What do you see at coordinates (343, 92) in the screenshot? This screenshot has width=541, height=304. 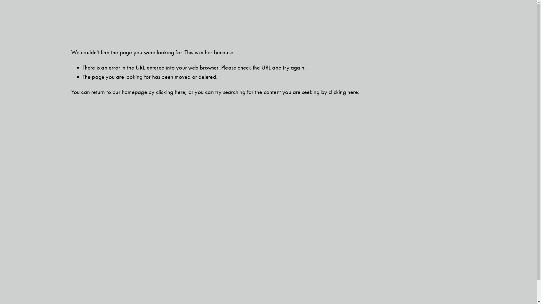 I see `'clicking here'` at bounding box center [343, 92].